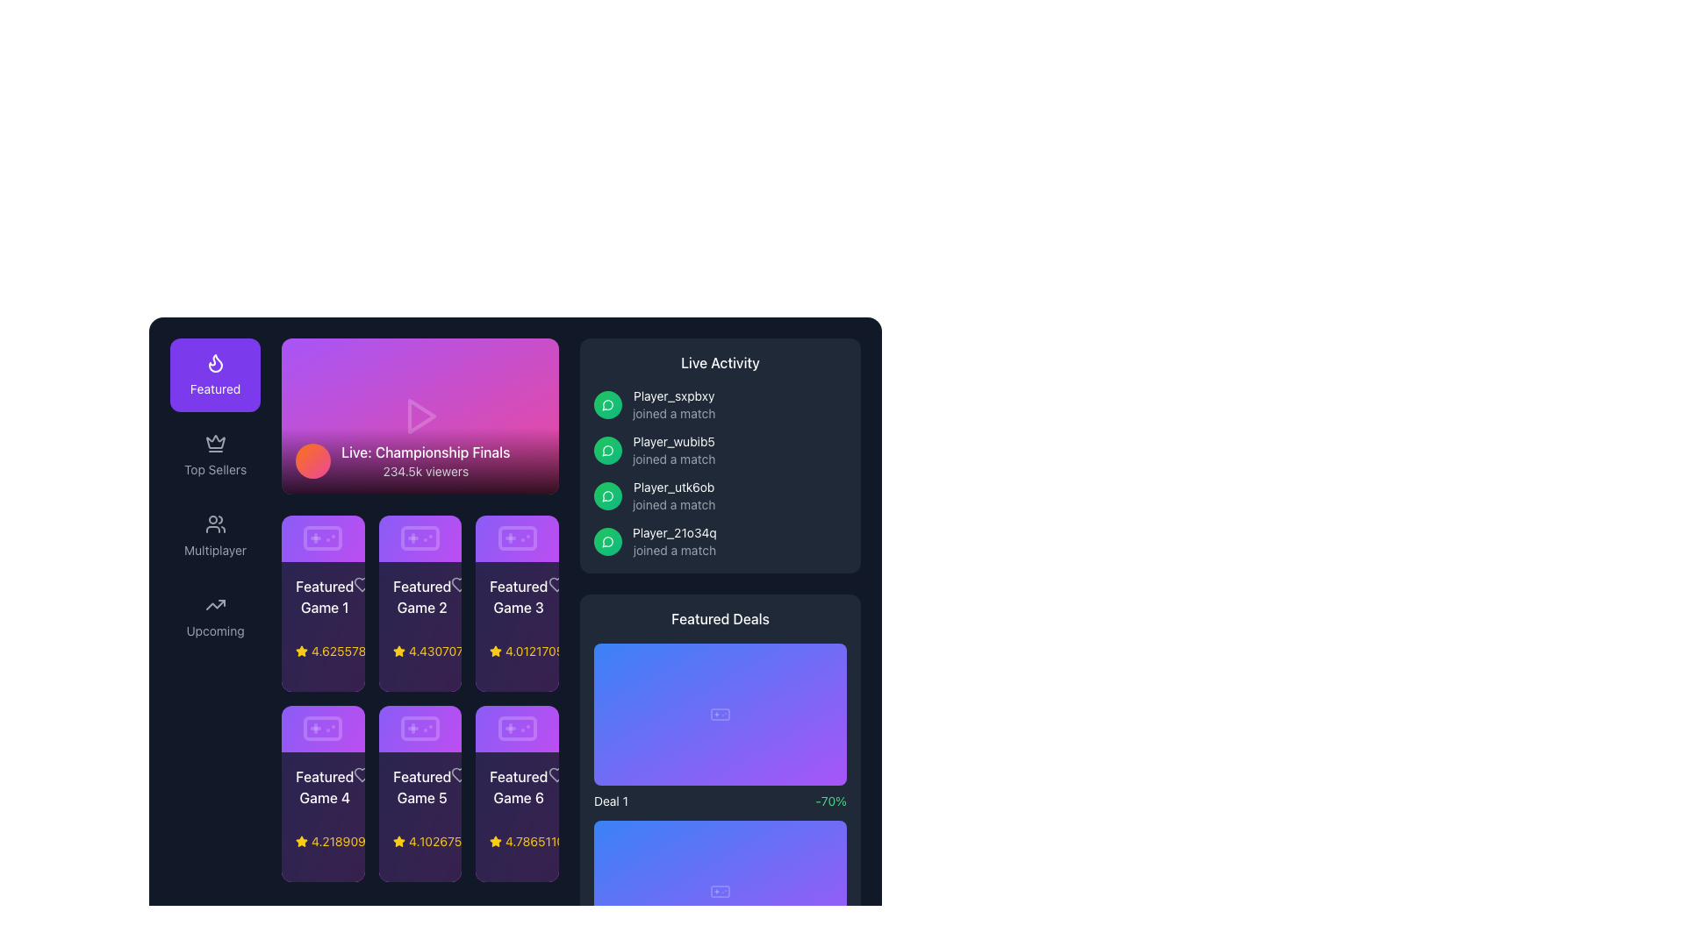  Describe the element at coordinates (611, 801) in the screenshot. I see `the text label displaying 'Deal 1' styled in white, located within the dark background of the 'Featured Deals' panel` at that location.